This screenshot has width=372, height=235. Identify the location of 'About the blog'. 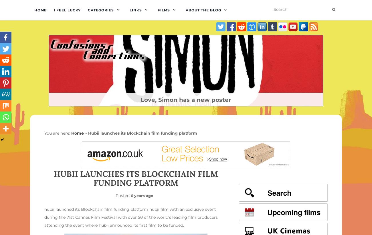
(185, 10).